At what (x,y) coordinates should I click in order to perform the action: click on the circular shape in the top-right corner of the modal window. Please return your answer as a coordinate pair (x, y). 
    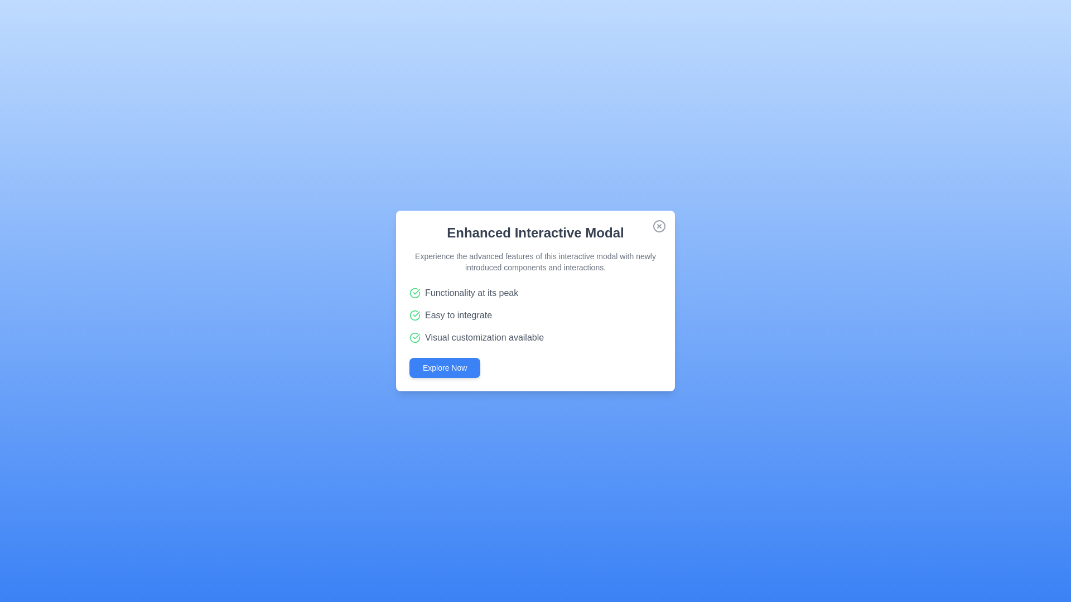
    Looking at the image, I should click on (659, 226).